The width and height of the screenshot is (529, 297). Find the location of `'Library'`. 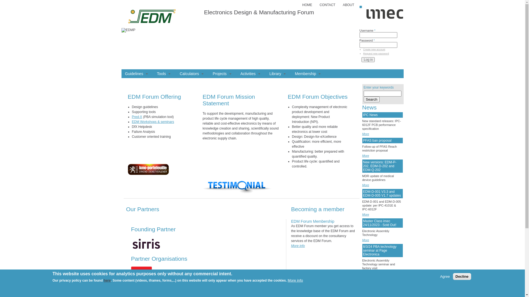

'Library' is located at coordinates (267, 73).